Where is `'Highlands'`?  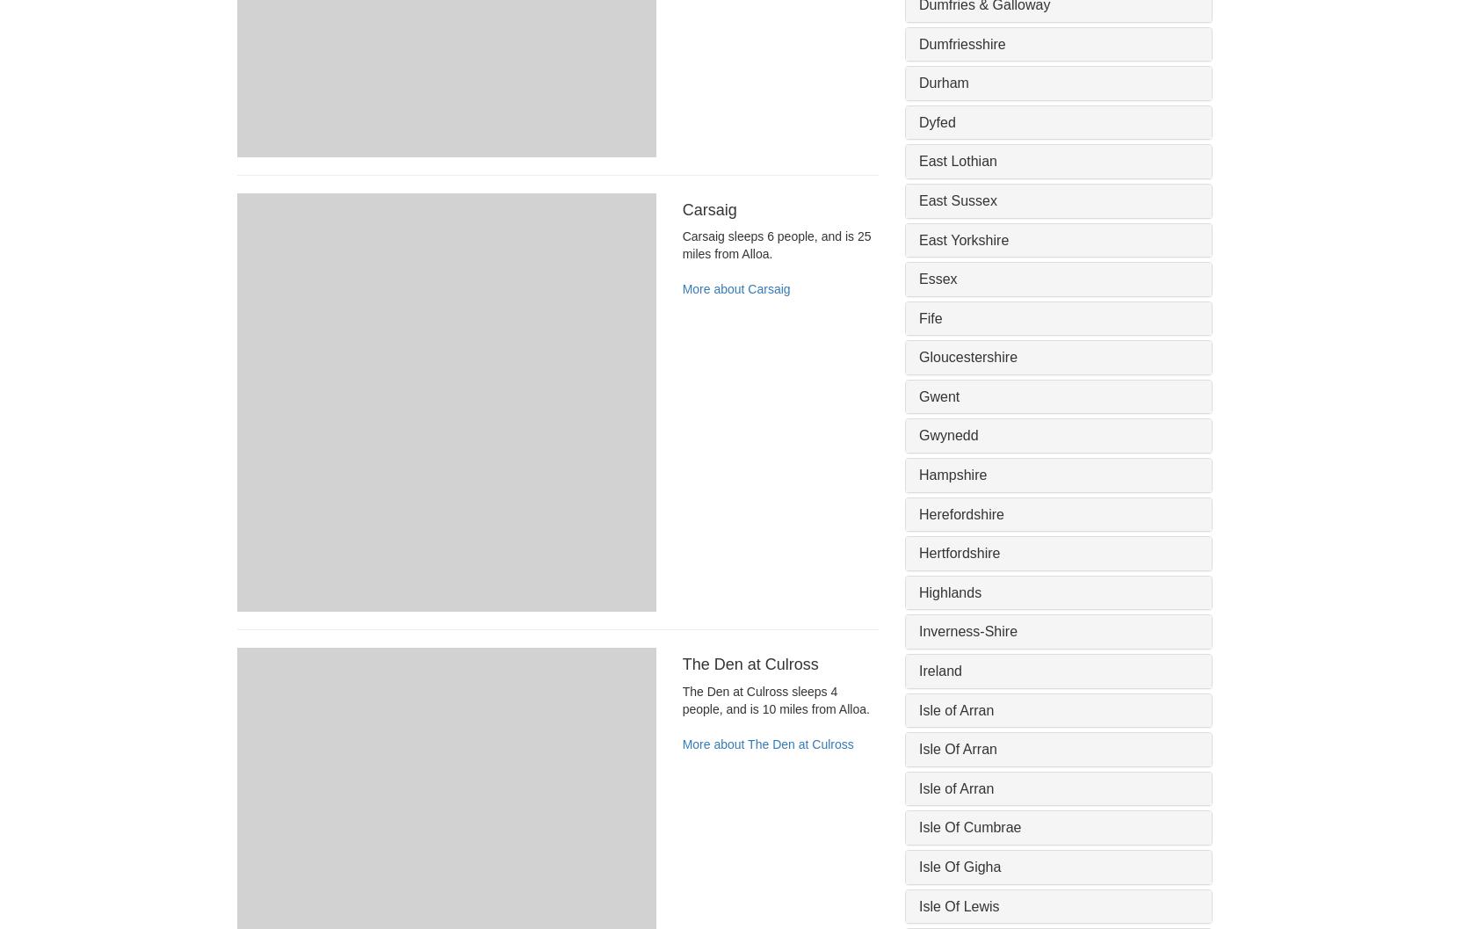
'Highlands' is located at coordinates (949, 592).